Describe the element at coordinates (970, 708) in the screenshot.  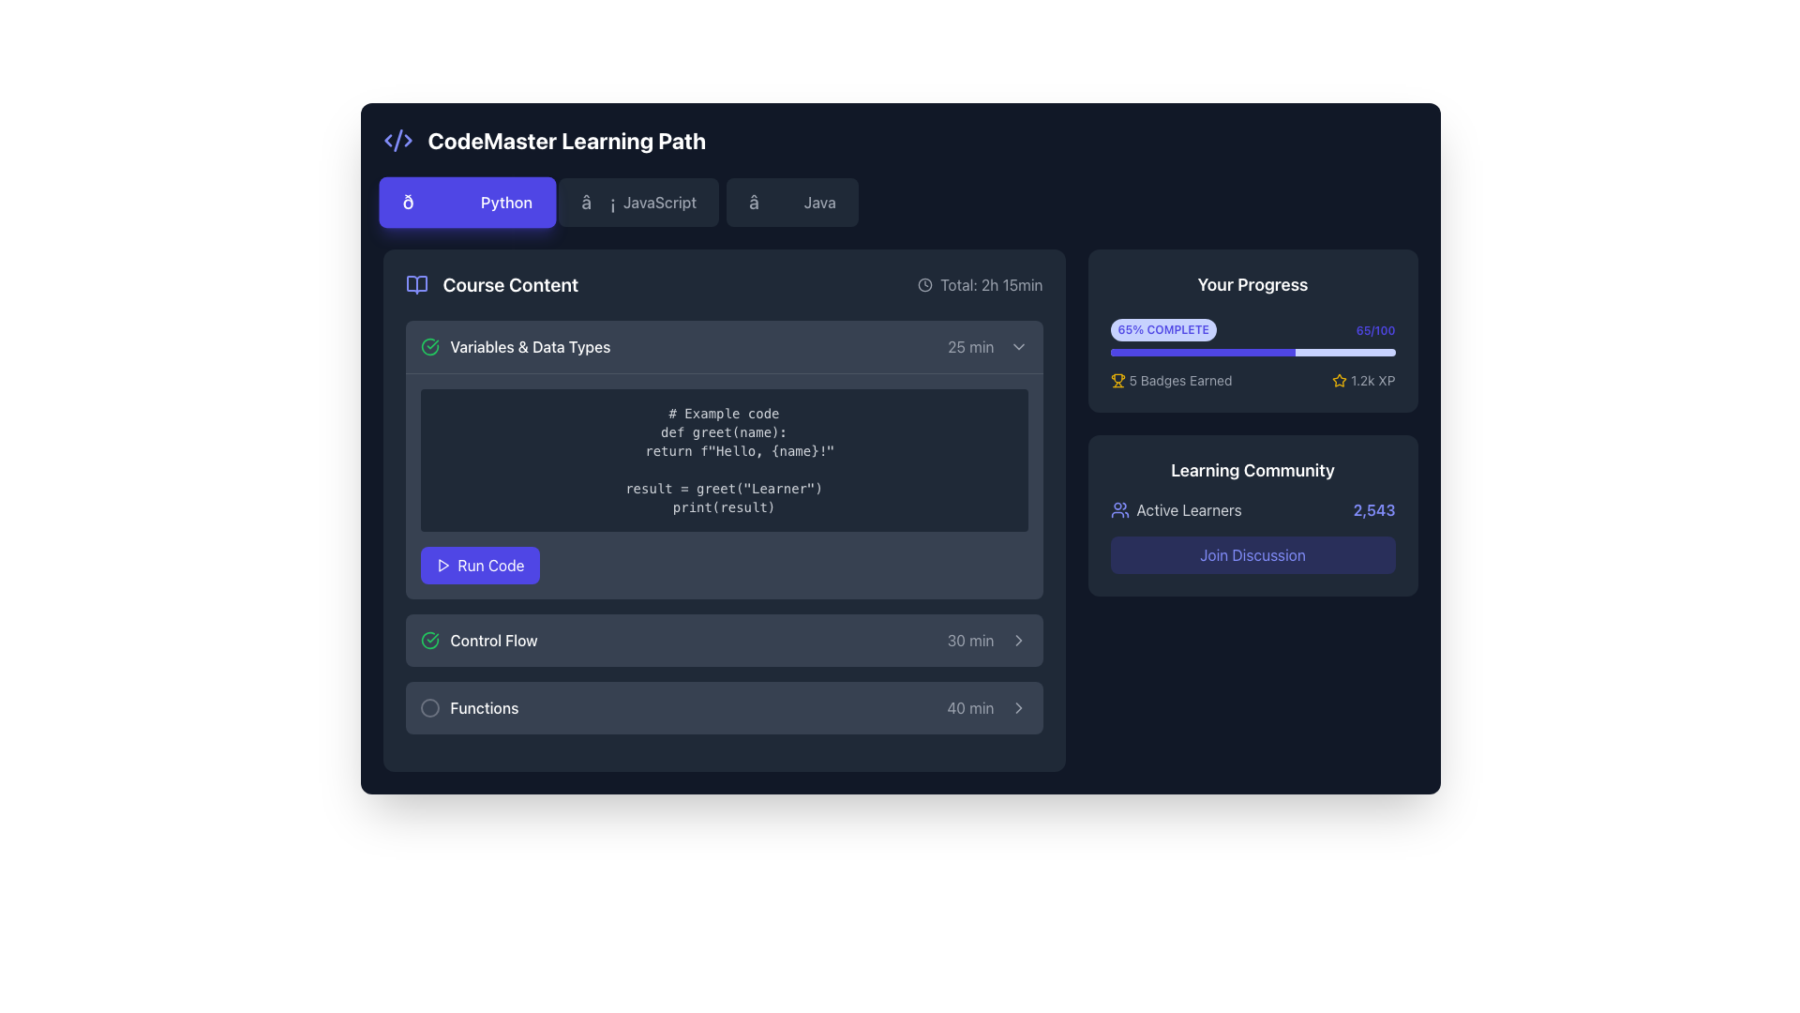
I see `the text label displaying '40 min' in a light gray font, located next to a rightward arrow icon in the bottom-right corner of the Functions section within the Course Content panel` at that location.